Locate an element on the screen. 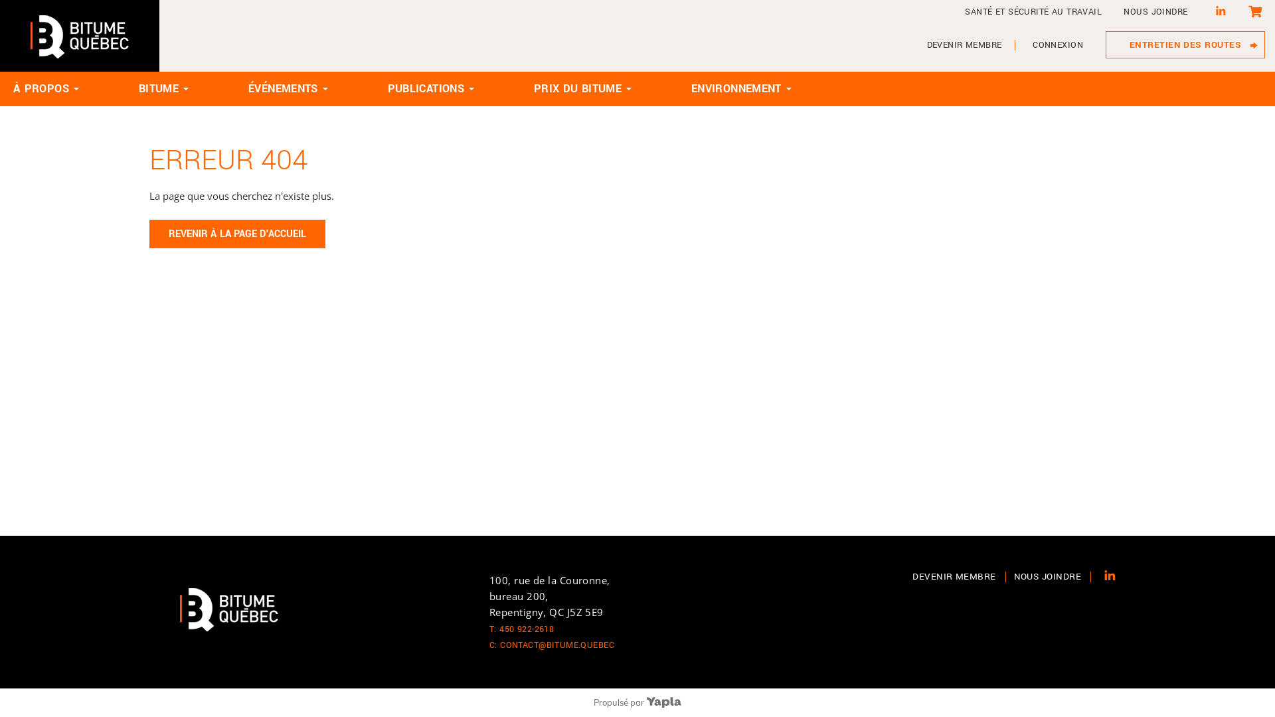 This screenshot has width=1275, height=717. 'NOUS JOINDRE' is located at coordinates (1013, 576).